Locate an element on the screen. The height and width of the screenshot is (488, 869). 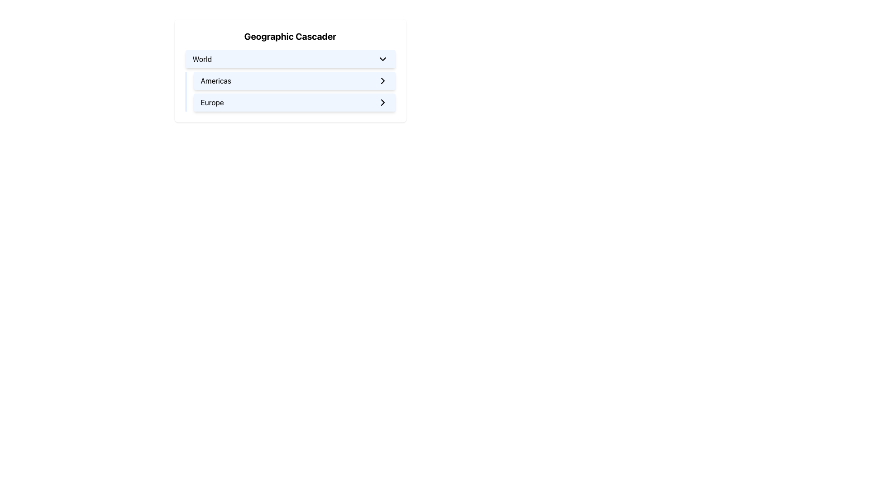
the 'Europe' selectable option text label within the cascading menu, which is displayed on a light blue rounded button situated below the 'Americas' button is located at coordinates (212, 102).